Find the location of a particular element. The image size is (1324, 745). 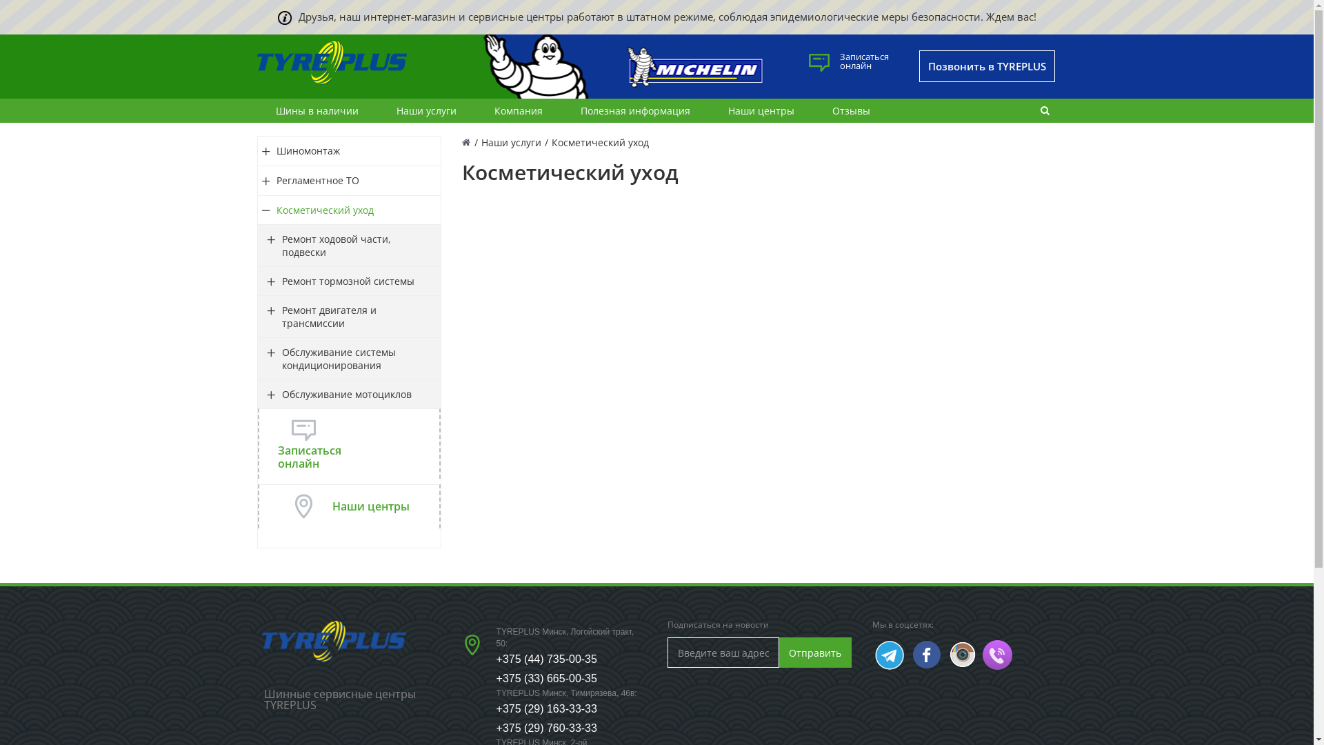

'+375 (44) 735-00-35' is located at coordinates (545, 658).